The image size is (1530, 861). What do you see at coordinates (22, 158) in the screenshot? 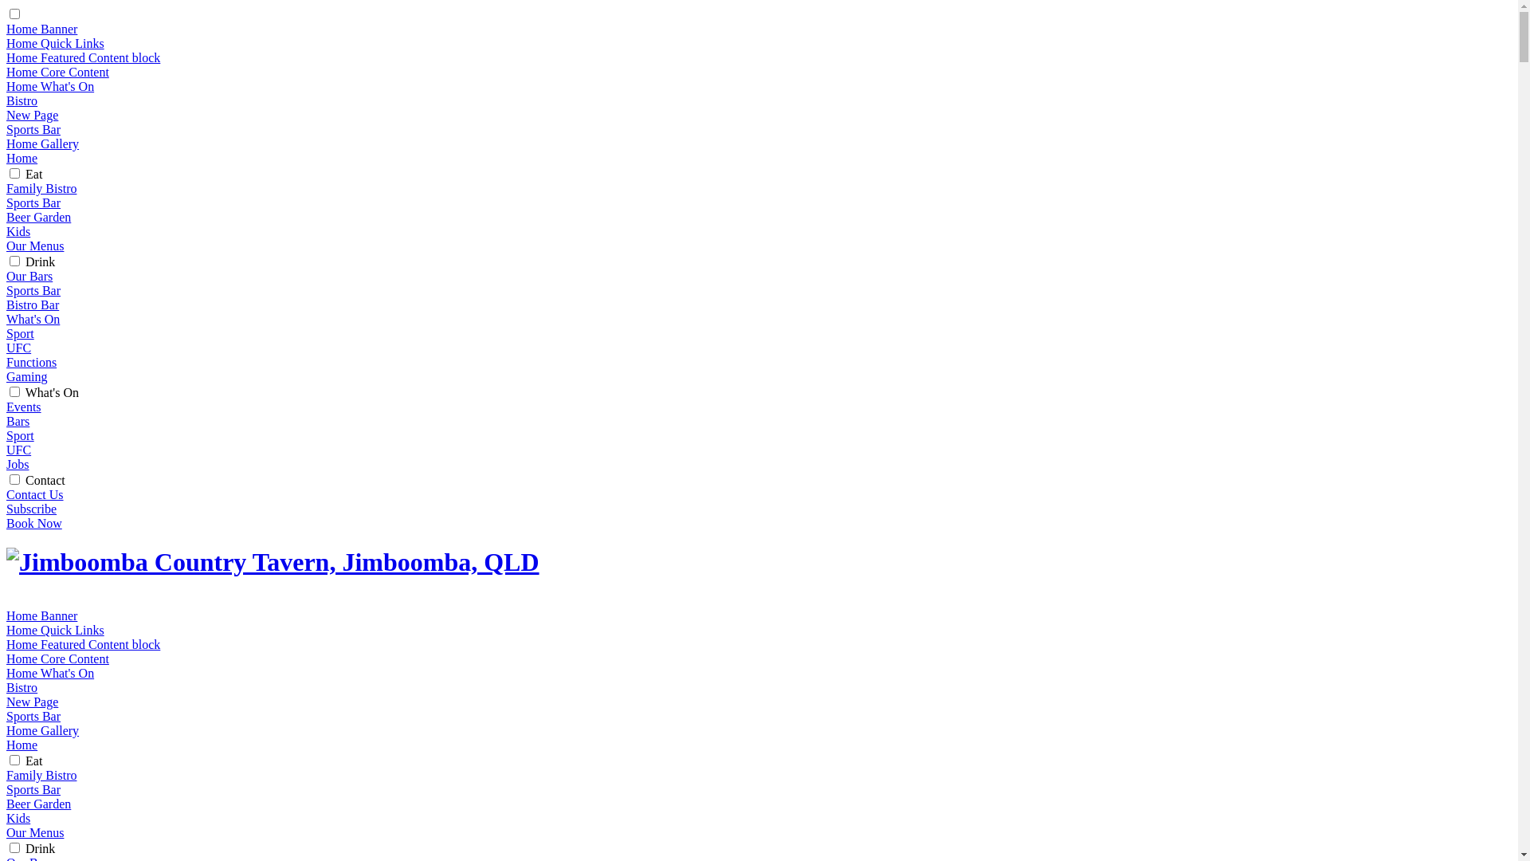
I see `'Home'` at bounding box center [22, 158].